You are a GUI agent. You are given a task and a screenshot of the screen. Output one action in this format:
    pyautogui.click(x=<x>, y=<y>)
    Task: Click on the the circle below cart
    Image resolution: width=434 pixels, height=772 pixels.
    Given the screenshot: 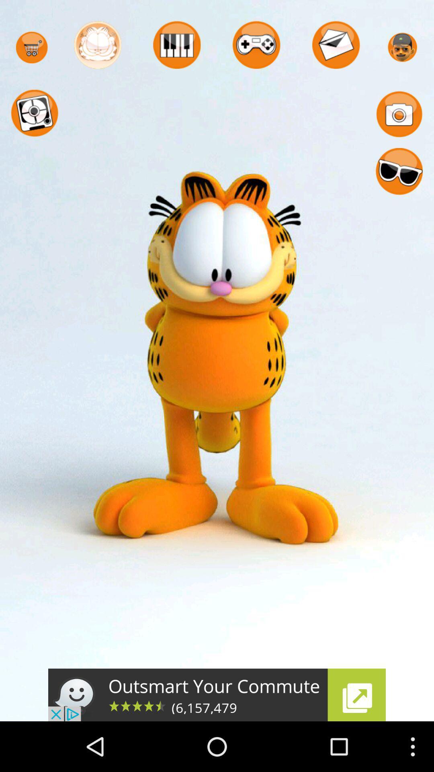 What is the action you would take?
    pyautogui.click(x=34, y=113)
    